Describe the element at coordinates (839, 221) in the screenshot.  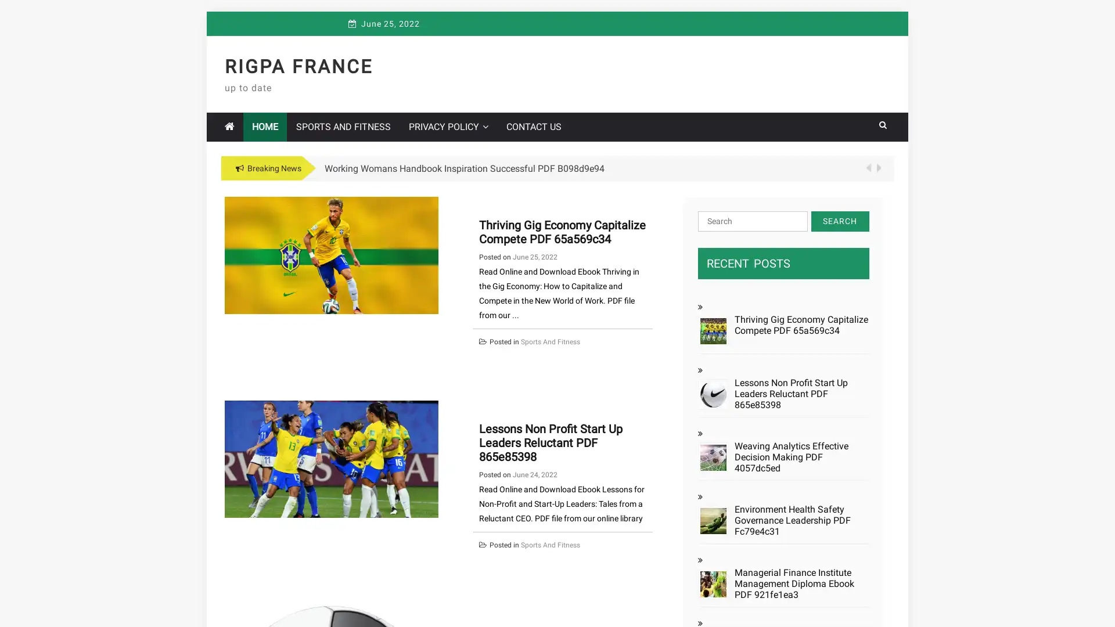
I see `Search` at that location.